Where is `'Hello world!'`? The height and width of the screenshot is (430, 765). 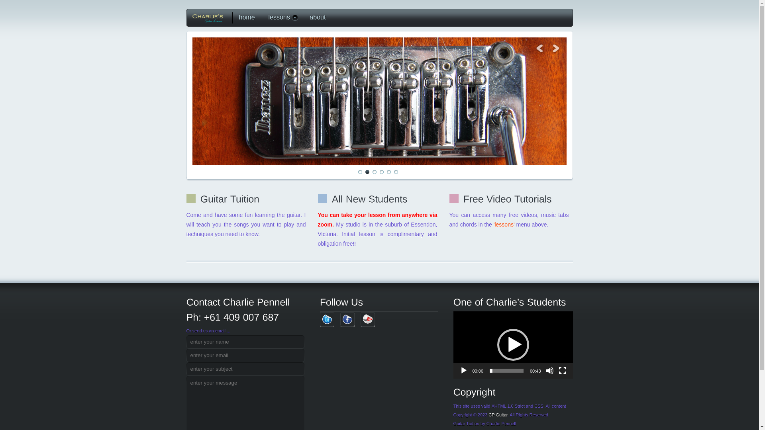 'Hello world!' is located at coordinates (192, 101).